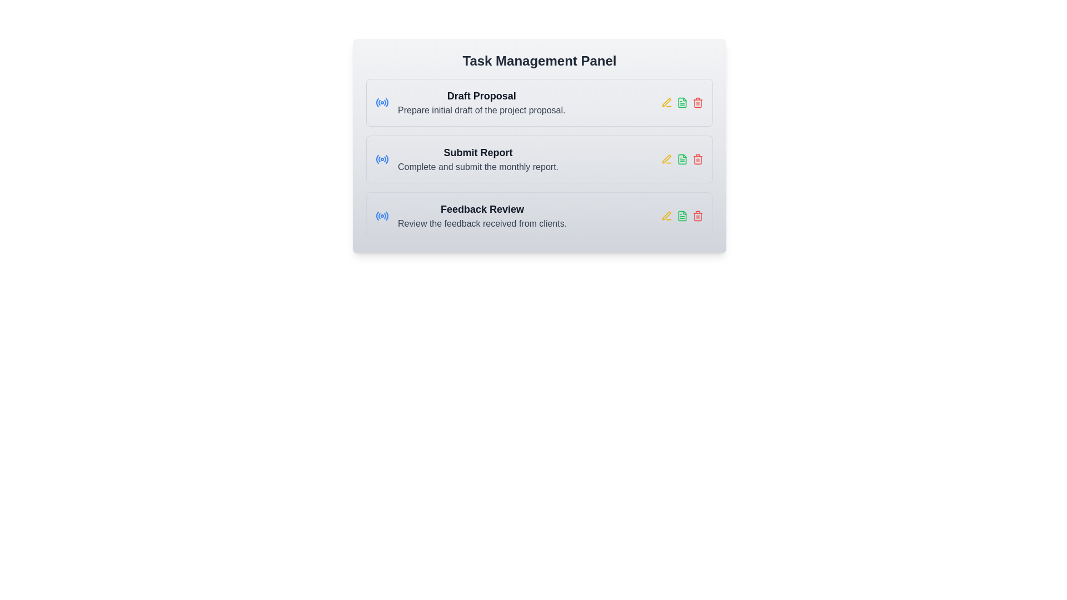 Image resolution: width=1067 pixels, height=600 pixels. I want to click on the green-colored document icon in the third row of the 'Feedback Review' task panel, so click(682, 216).